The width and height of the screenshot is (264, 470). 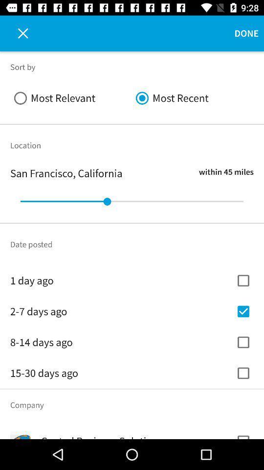 What do you see at coordinates (193, 98) in the screenshot?
I see `item below sort by` at bounding box center [193, 98].